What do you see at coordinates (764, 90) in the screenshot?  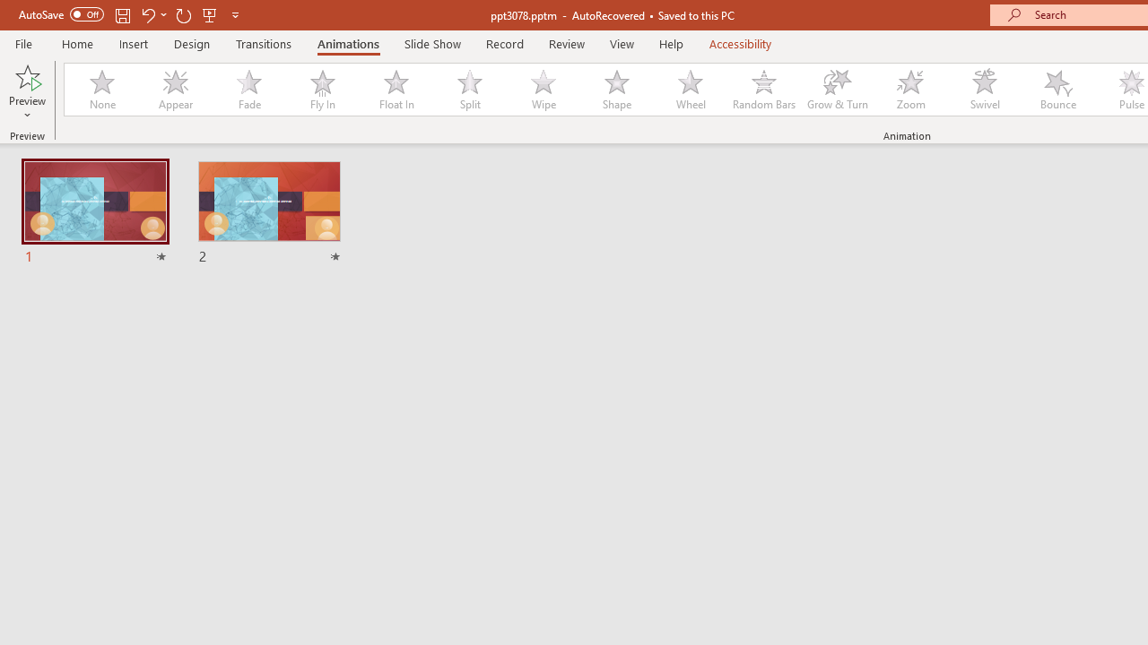 I see `'Random Bars'` at bounding box center [764, 90].